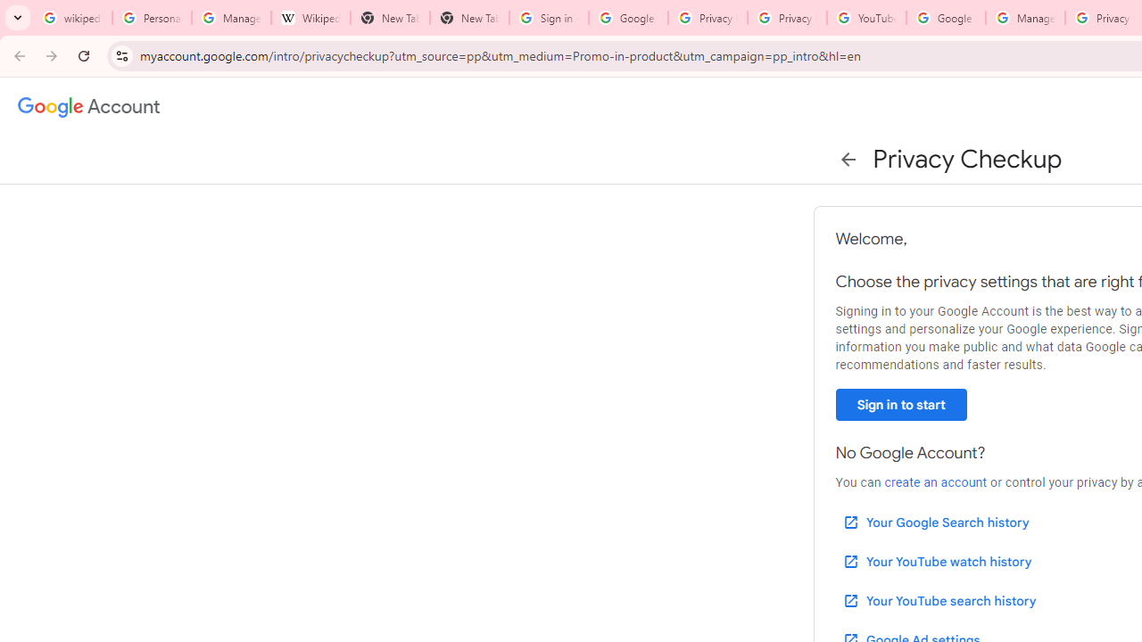  What do you see at coordinates (934, 522) in the screenshot?
I see `'Your Google Search history'` at bounding box center [934, 522].